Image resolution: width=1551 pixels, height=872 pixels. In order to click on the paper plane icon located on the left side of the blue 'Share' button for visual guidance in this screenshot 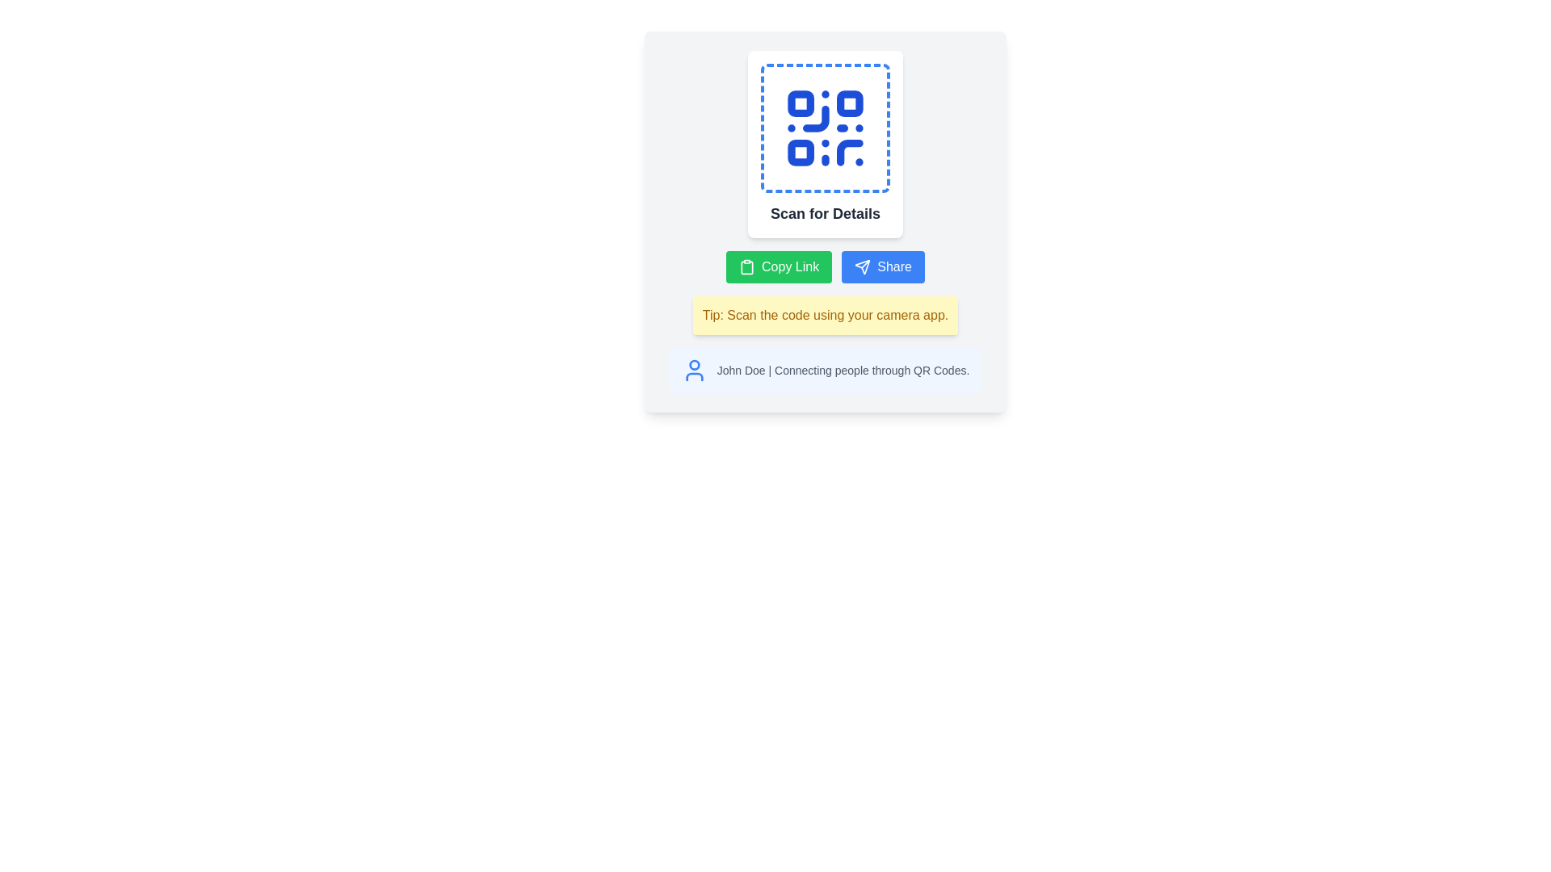, I will do `click(862, 266)`.